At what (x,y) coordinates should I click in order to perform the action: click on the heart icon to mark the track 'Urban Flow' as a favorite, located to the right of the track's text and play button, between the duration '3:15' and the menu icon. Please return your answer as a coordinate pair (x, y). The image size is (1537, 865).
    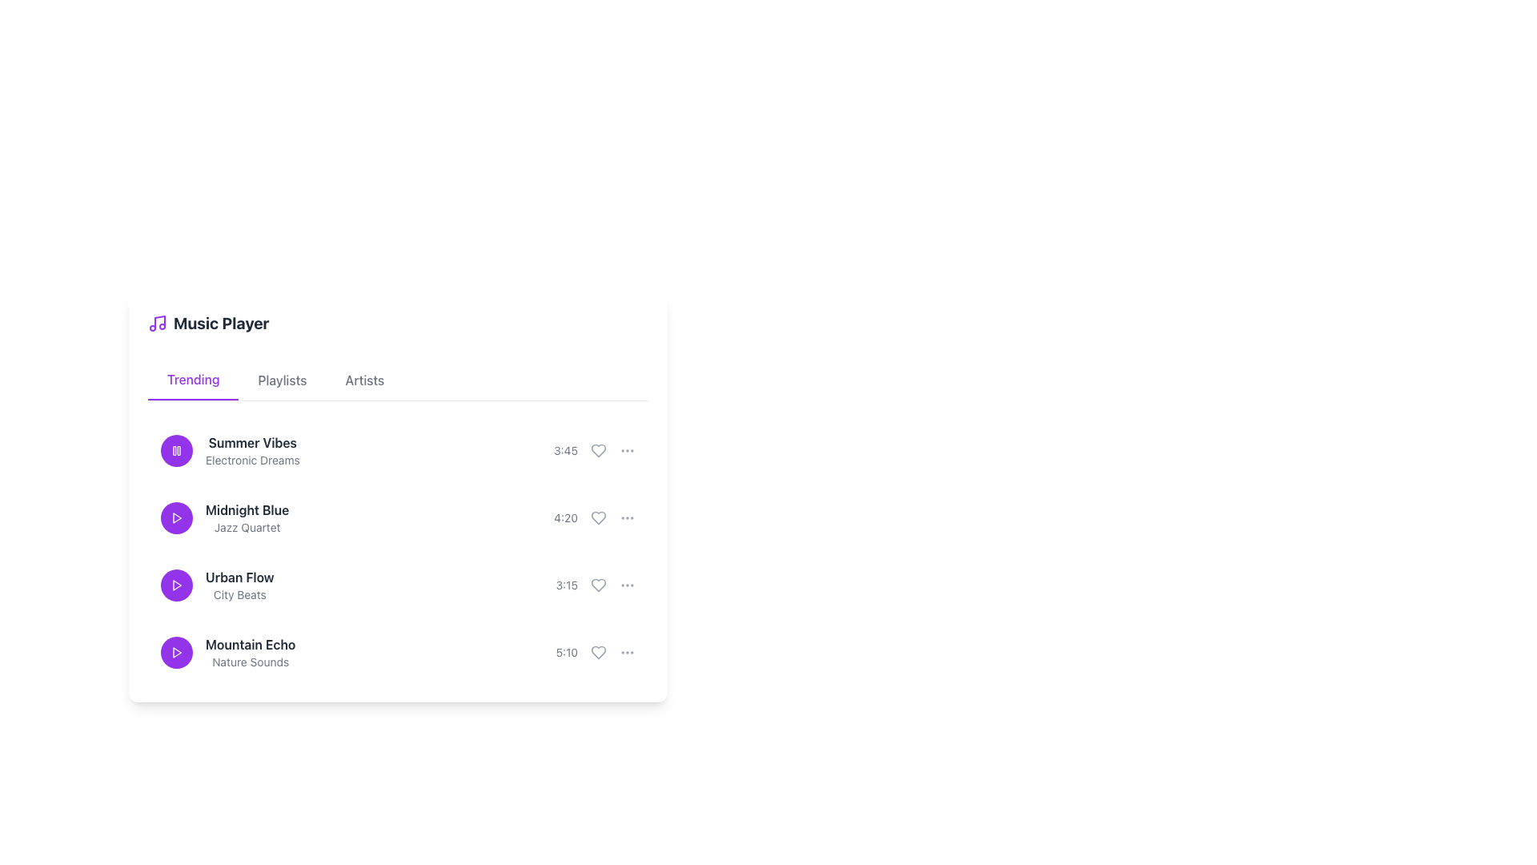
    Looking at the image, I should click on (598, 585).